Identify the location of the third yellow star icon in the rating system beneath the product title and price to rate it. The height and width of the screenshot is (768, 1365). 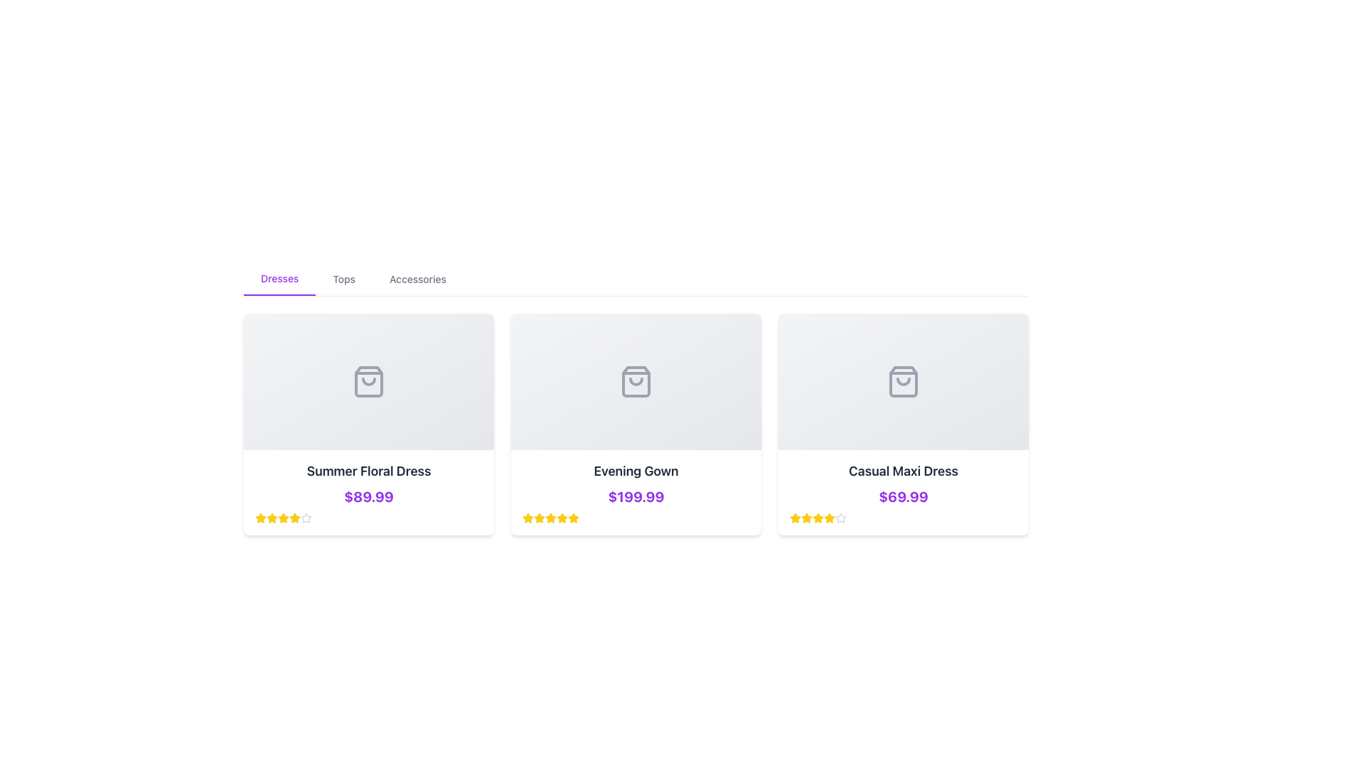
(272, 518).